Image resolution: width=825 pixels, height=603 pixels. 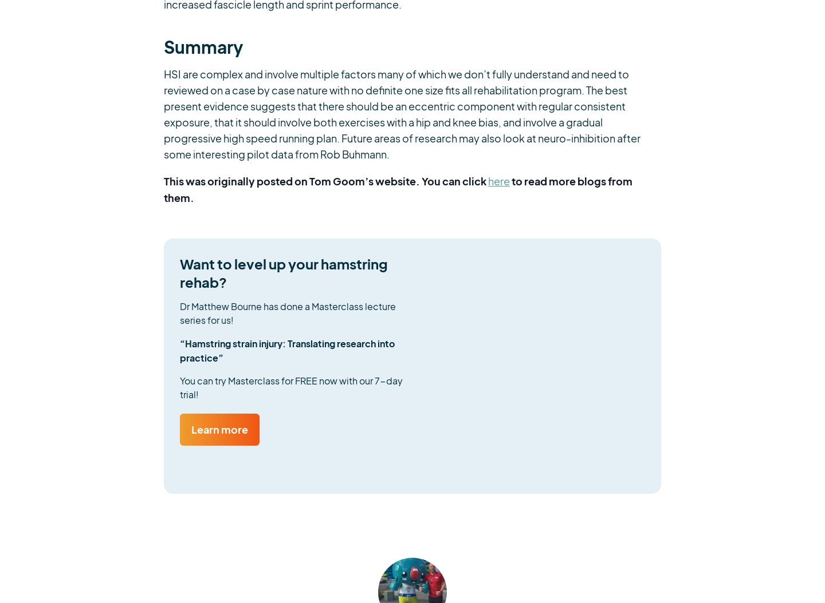 I want to click on 'here', so click(x=498, y=180).